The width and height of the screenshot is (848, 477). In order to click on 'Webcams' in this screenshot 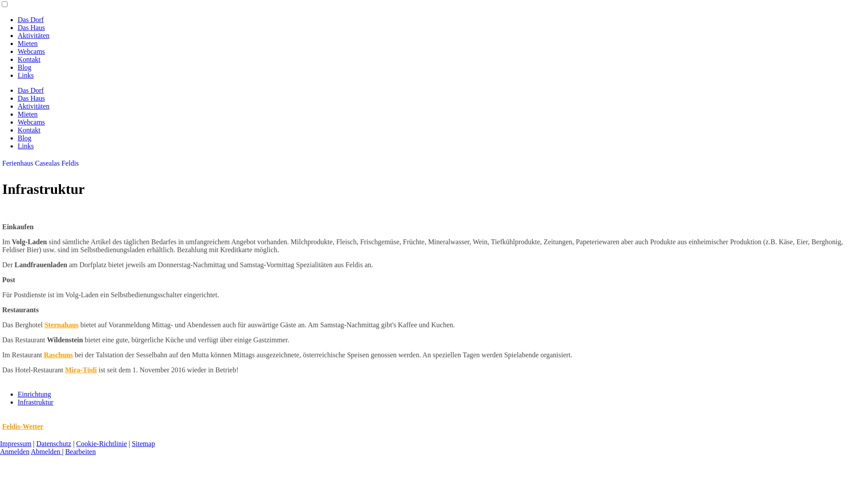, I will do `click(31, 122)`.